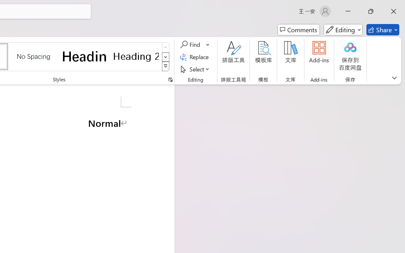 Image resolution: width=405 pixels, height=253 pixels. I want to click on 'Replace...', so click(195, 57).